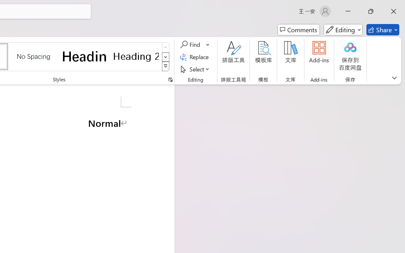 Image resolution: width=405 pixels, height=253 pixels. I want to click on 'Replace...', so click(195, 57).